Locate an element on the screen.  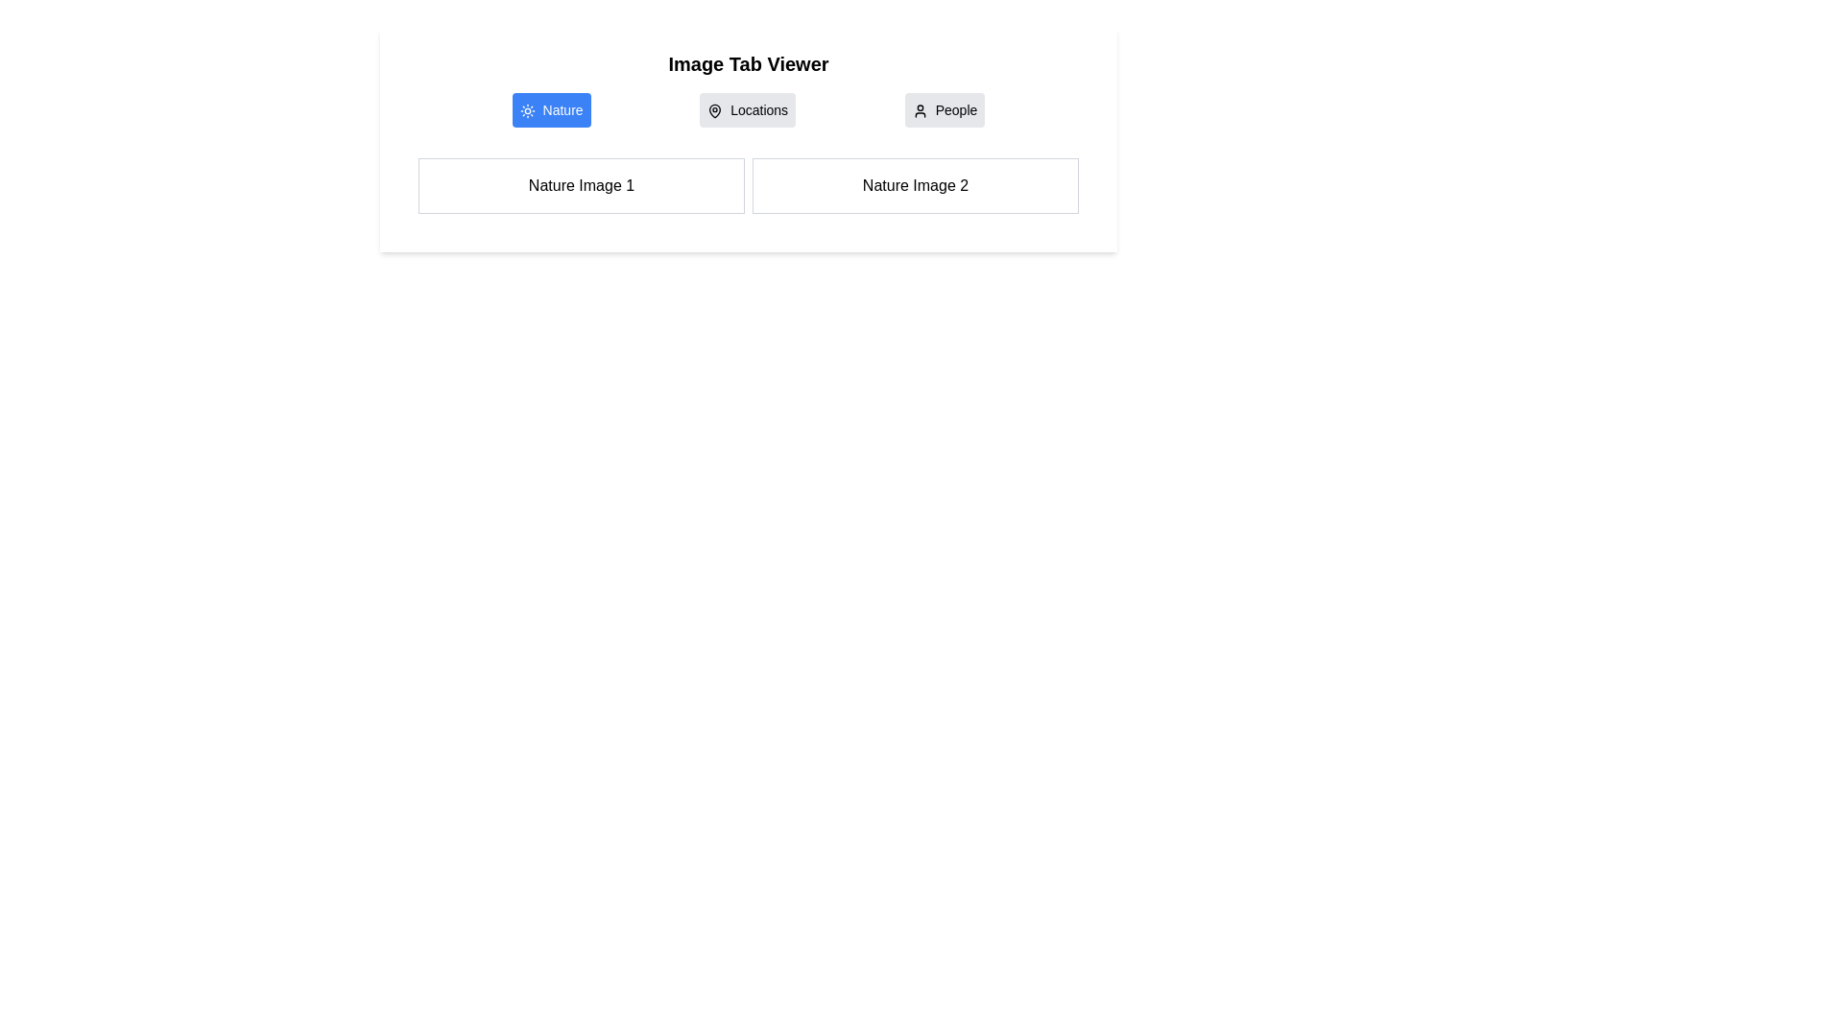
the 'Locations' button, which is the second button in a horizontal group of three buttons with a light gray background and a map pin icon is located at coordinates (746, 110).